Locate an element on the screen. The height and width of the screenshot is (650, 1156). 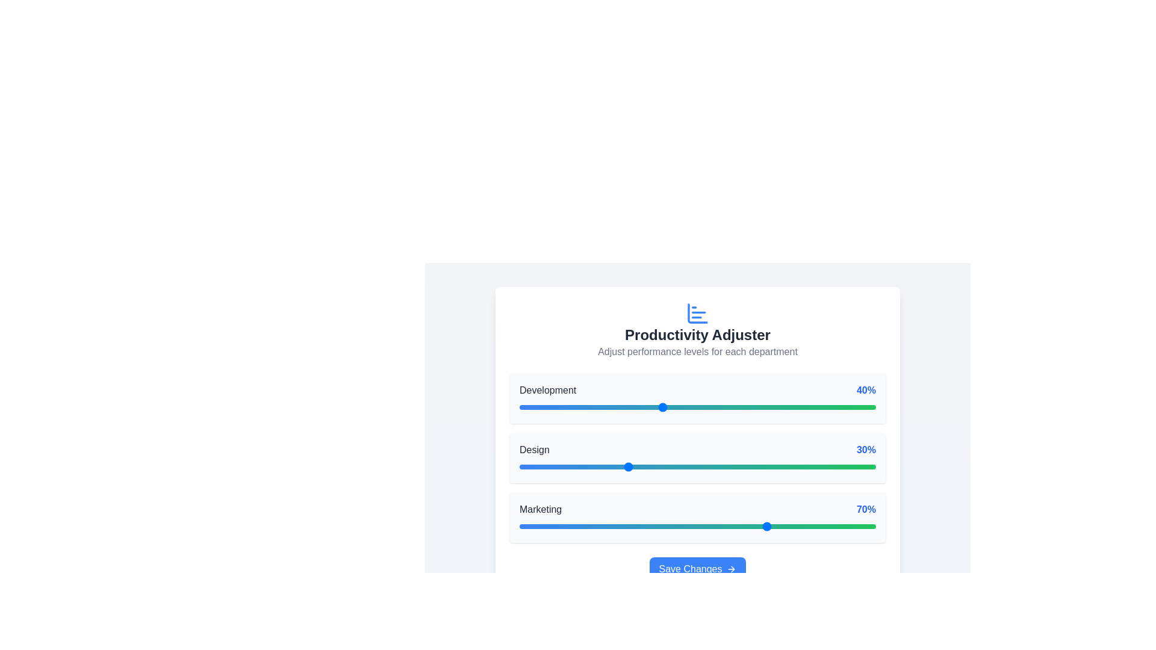
the slider value is located at coordinates (676, 526).